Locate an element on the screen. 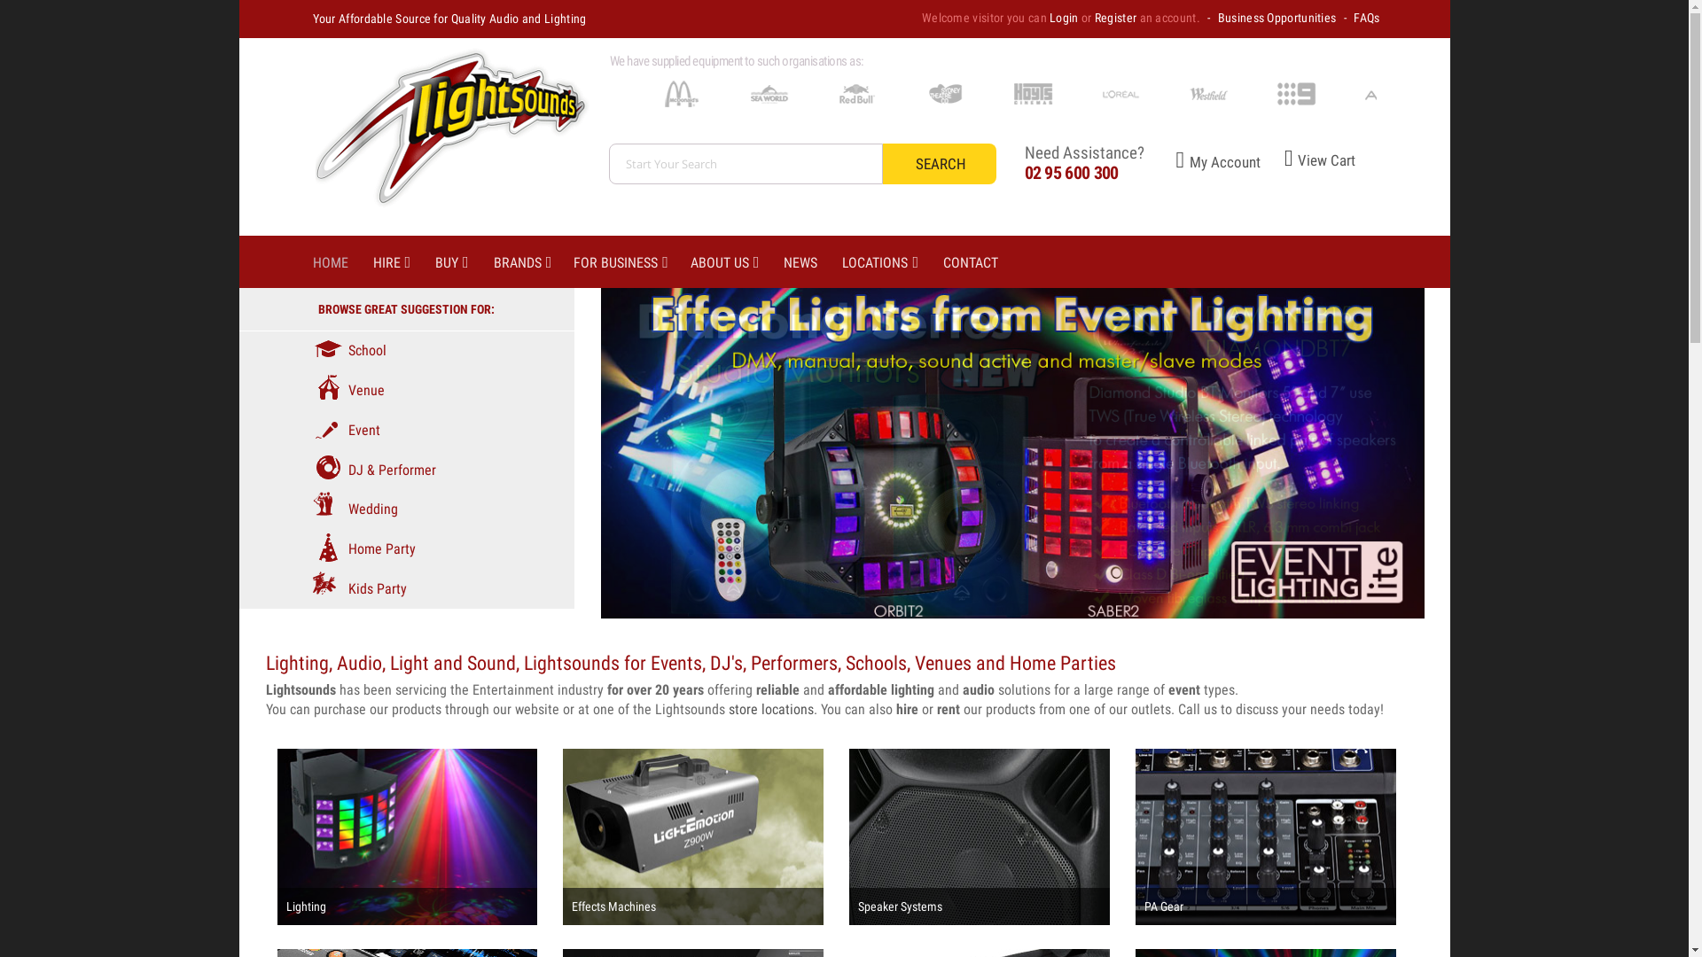  'Home Party' is located at coordinates (362, 548).